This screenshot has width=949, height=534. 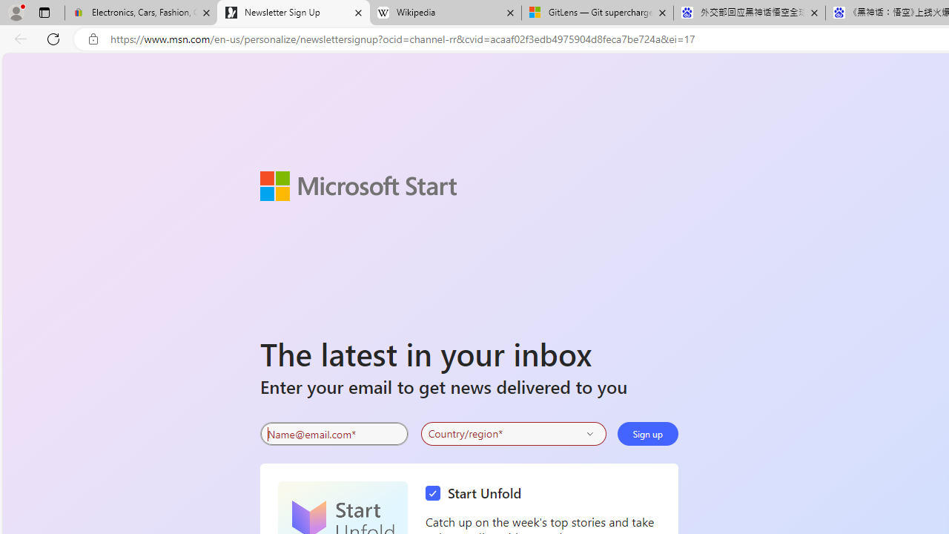 I want to click on 'Sign up', so click(x=647, y=434).